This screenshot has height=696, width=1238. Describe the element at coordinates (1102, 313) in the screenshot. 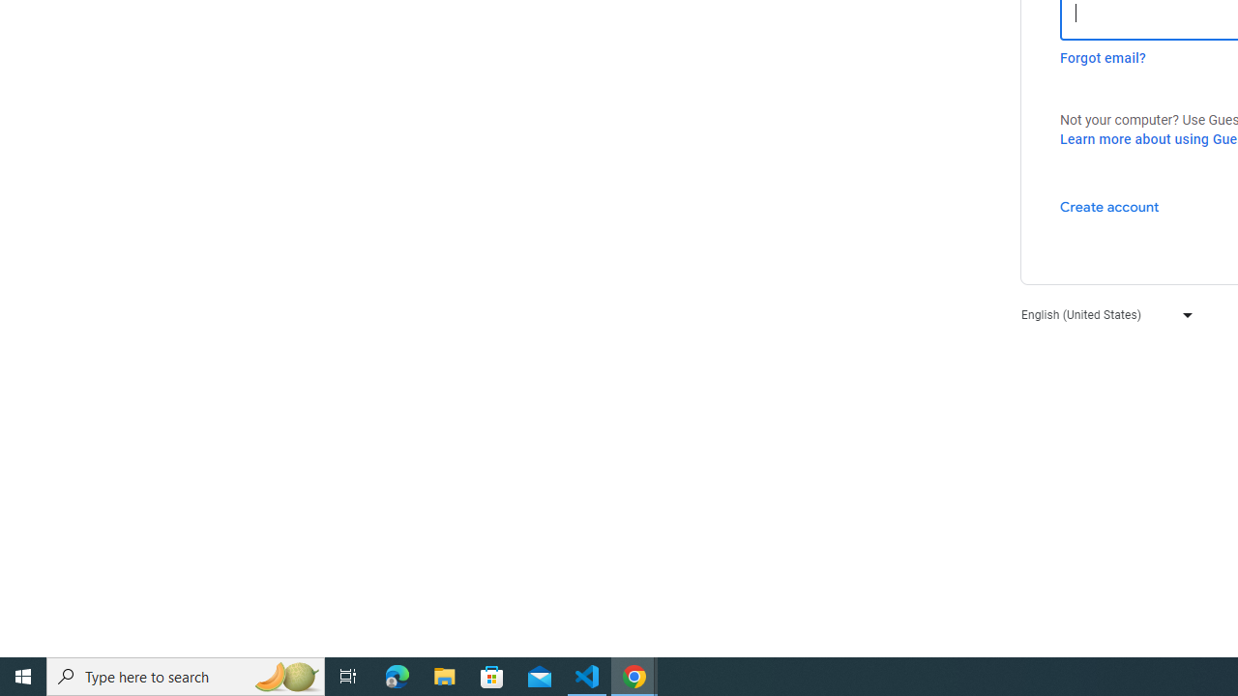

I see `'English (United States)'` at that location.